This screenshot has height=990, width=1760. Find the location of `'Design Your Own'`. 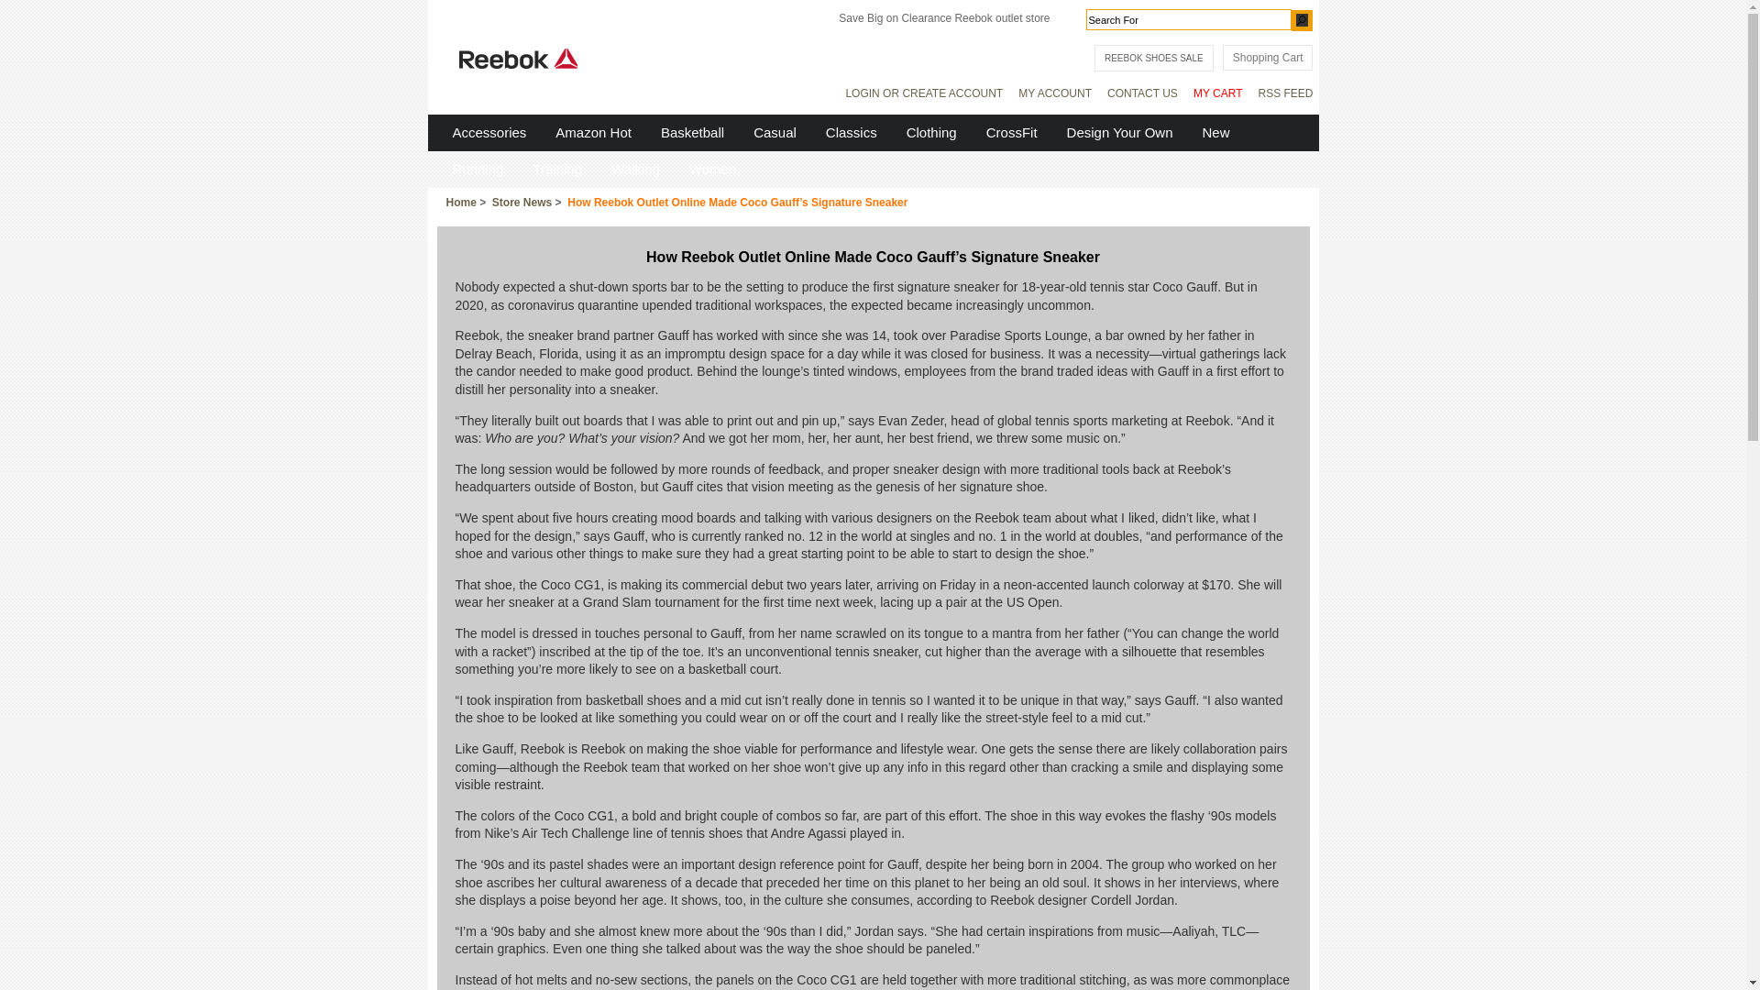

'Design Your Own' is located at coordinates (1052, 130).